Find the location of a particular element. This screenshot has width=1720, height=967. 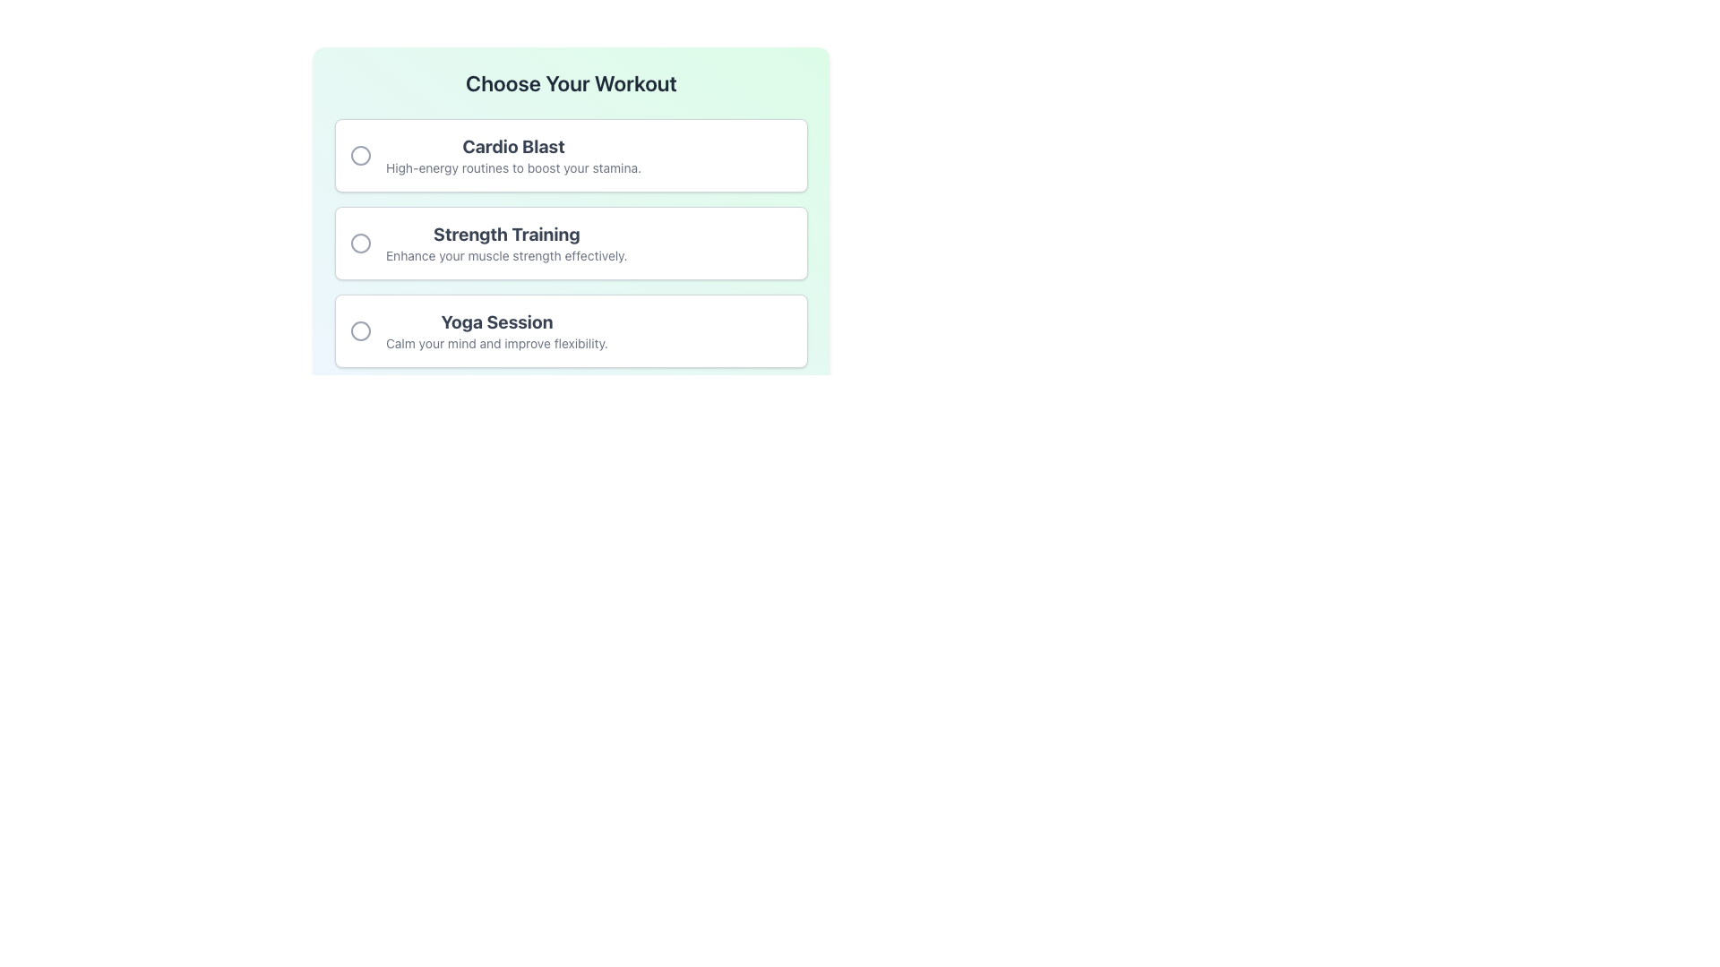

the selectable option indicator (radio button) is located at coordinates (360, 331).